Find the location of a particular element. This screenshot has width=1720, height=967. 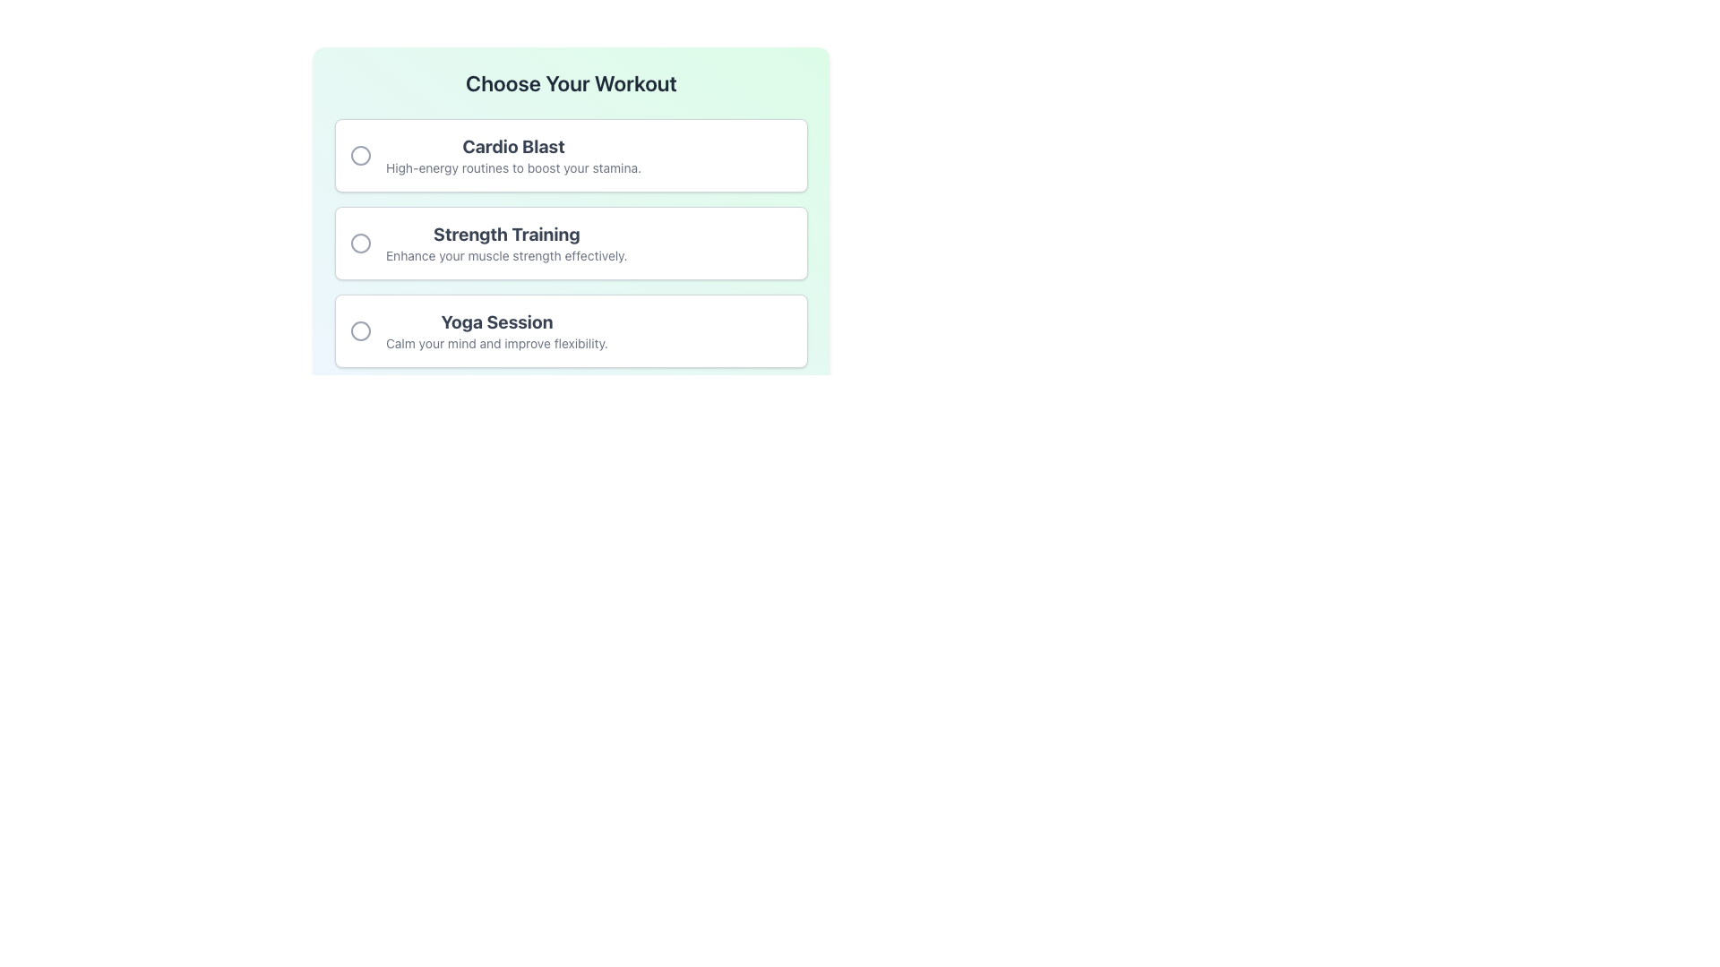

the selectable option indicator (radio button) is located at coordinates (360, 331).